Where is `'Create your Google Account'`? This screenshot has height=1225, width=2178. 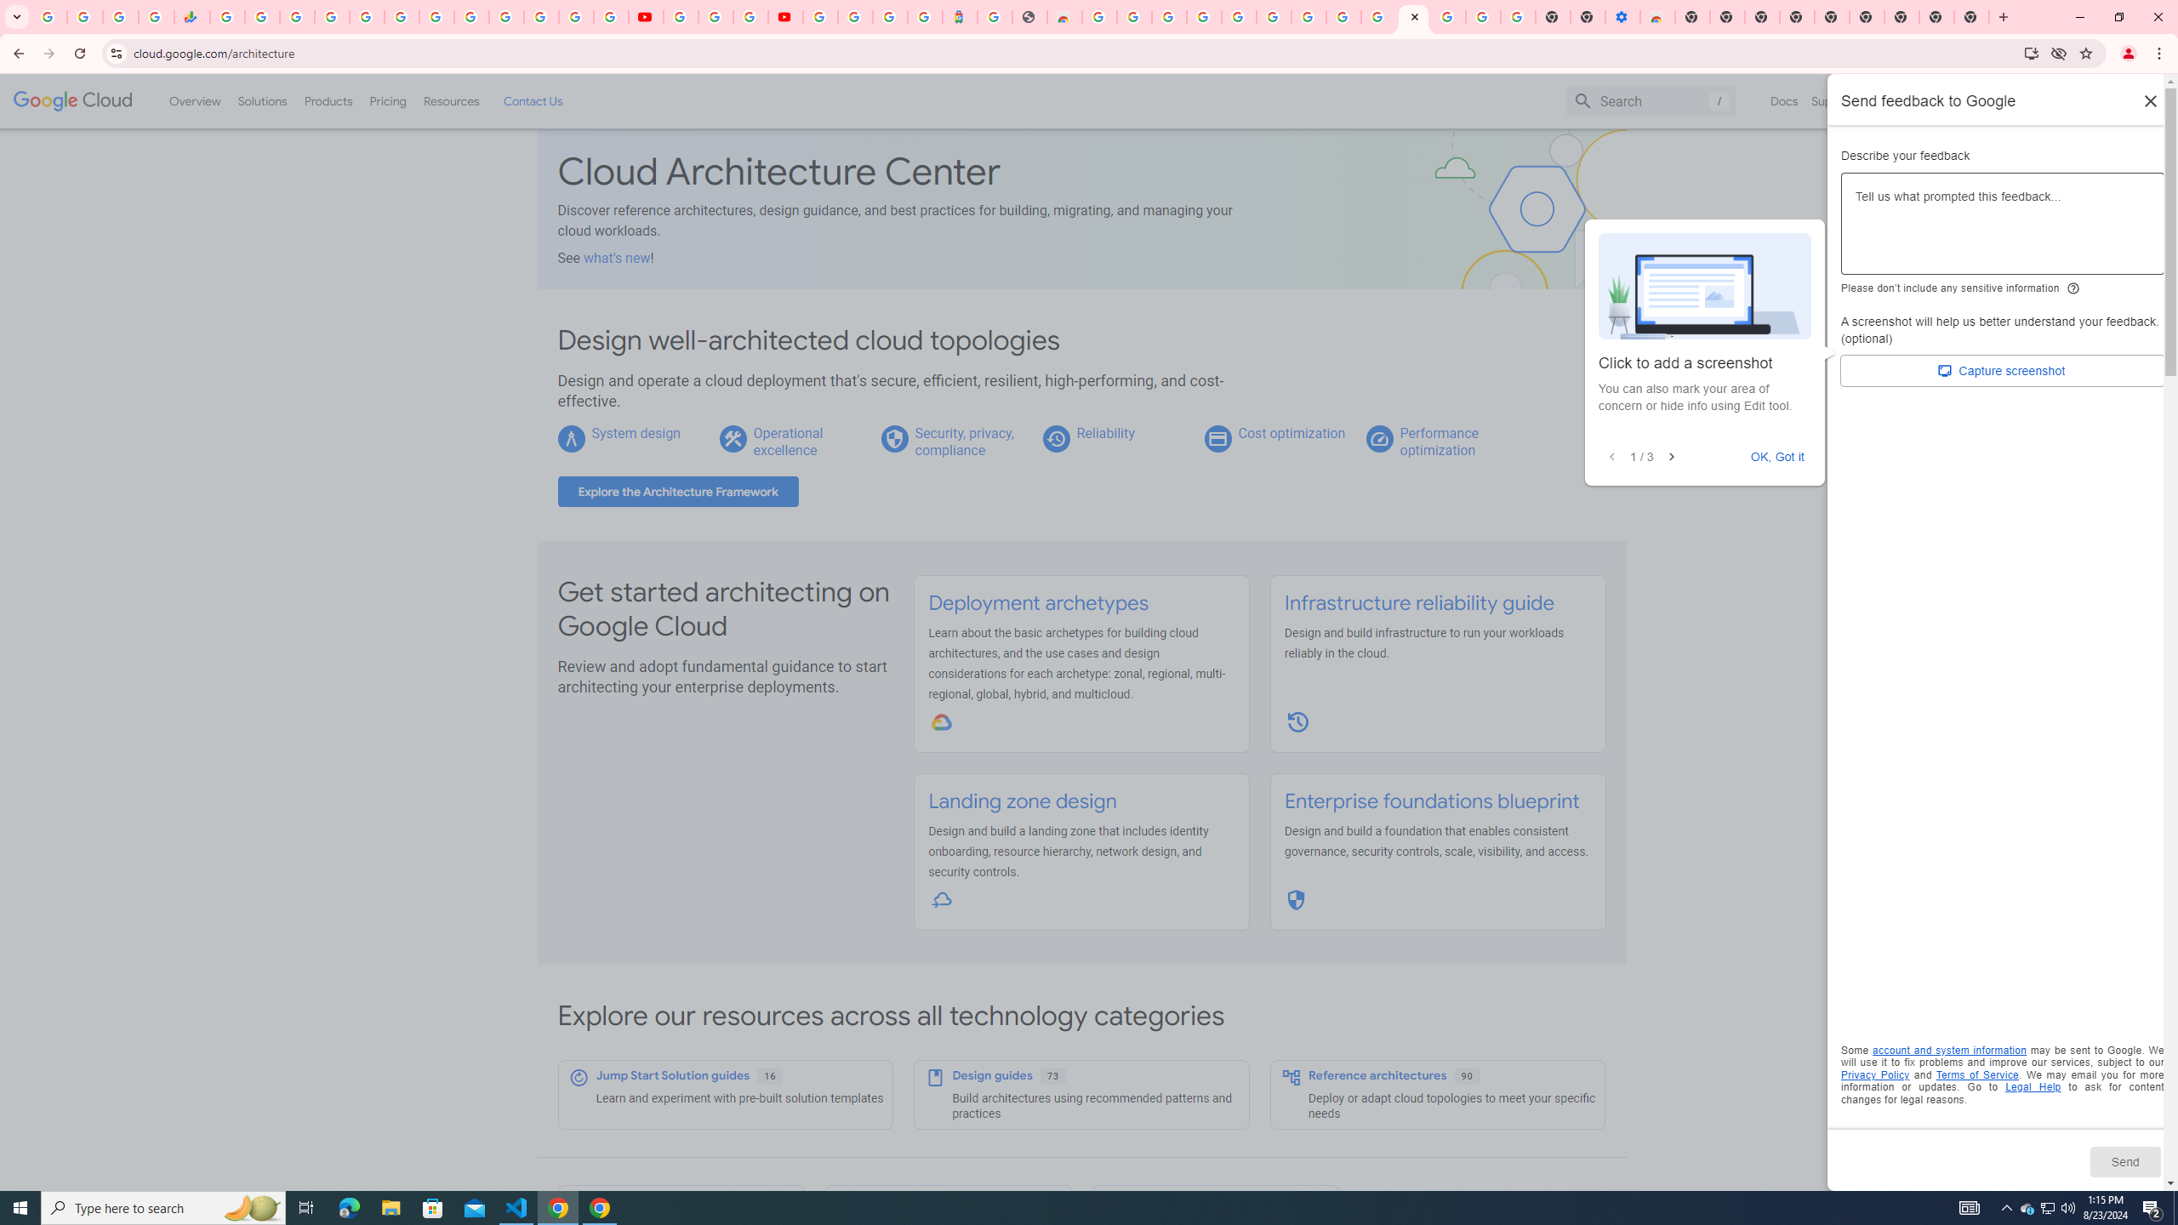
'Create your Google Account' is located at coordinates (749, 16).